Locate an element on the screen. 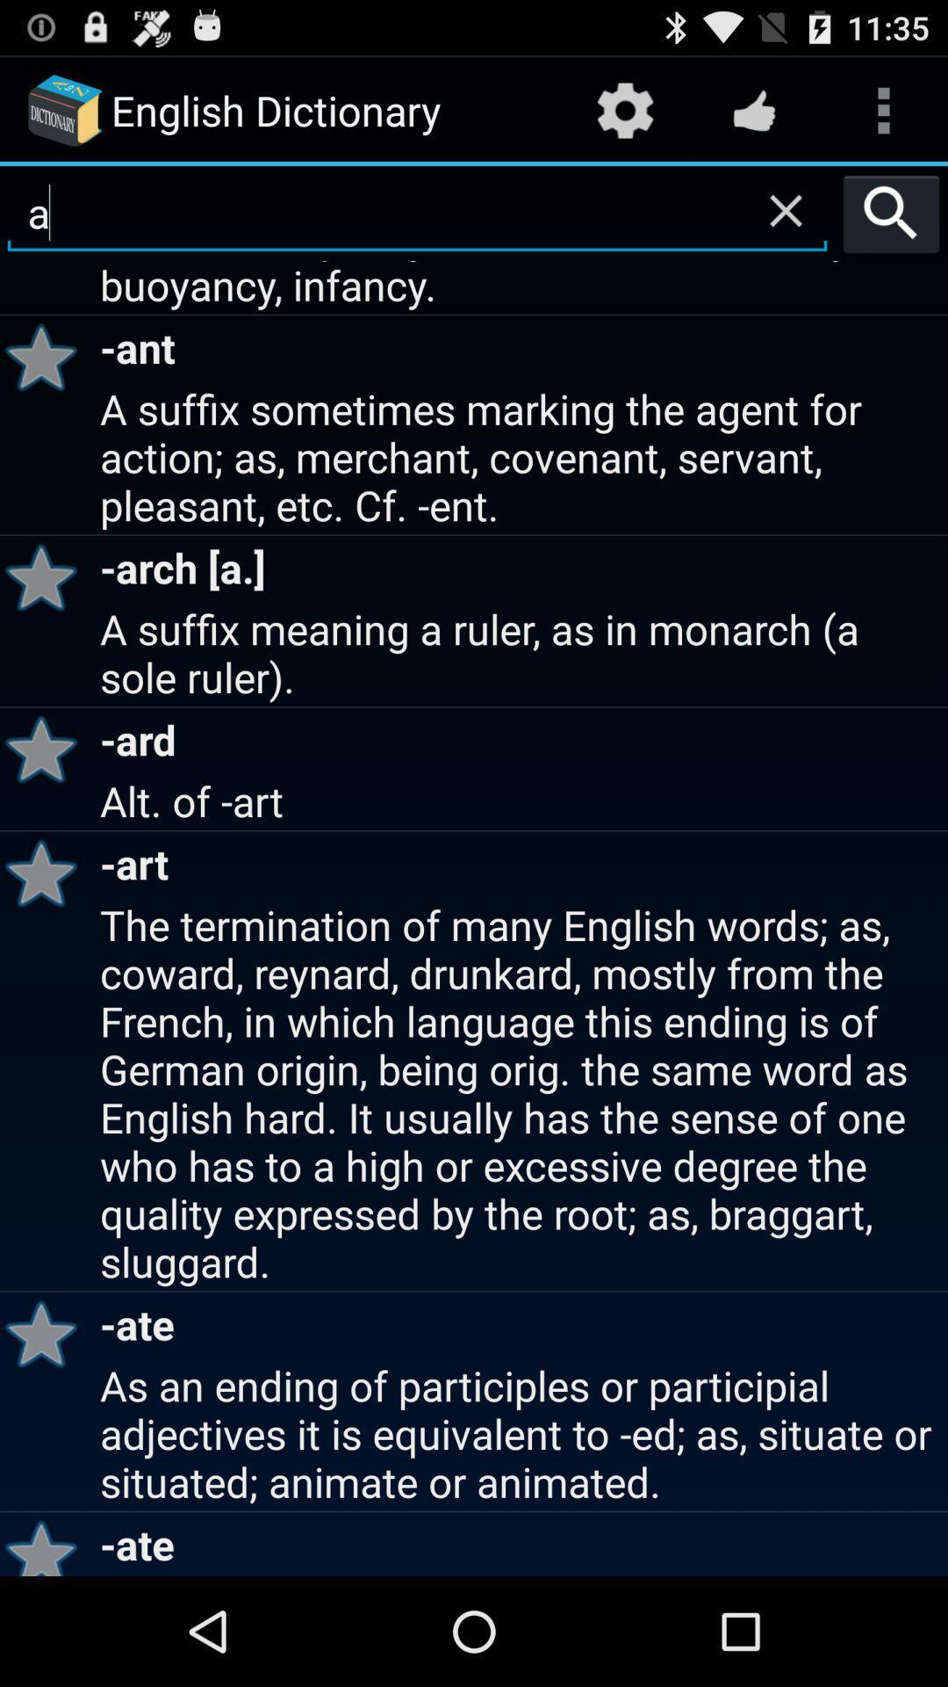 This screenshot has width=948, height=1687. item to the left of as an ending item is located at coordinates (47, 1543).